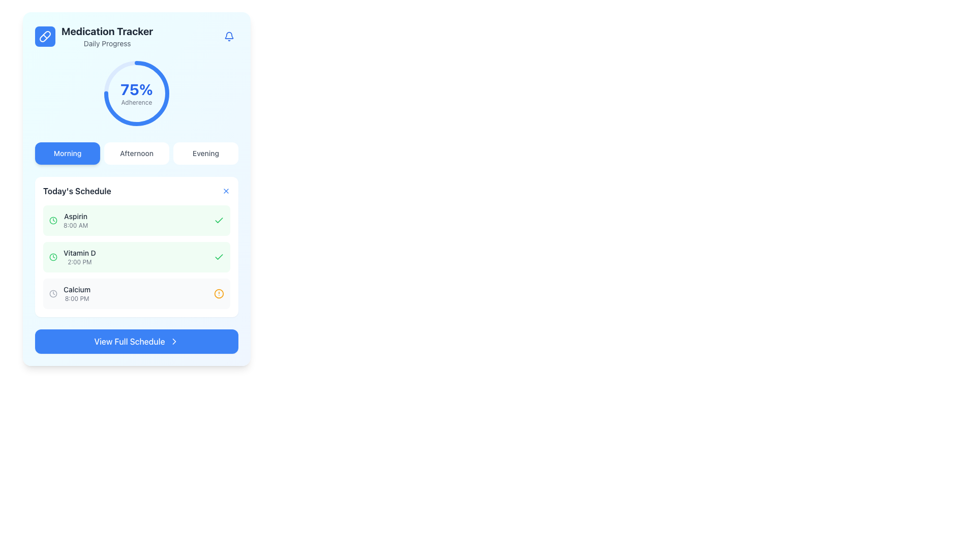 The height and width of the screenshot is (549, 976). What do you see at coordinates (53, 256) in the screenshot?
I see `the circular shape with a green outline and transparent fill that serves as a visual indicator in the 'Calcium 8:00 PM' item of the 'Today's Schedule' section` at bounding box center [53, 256].